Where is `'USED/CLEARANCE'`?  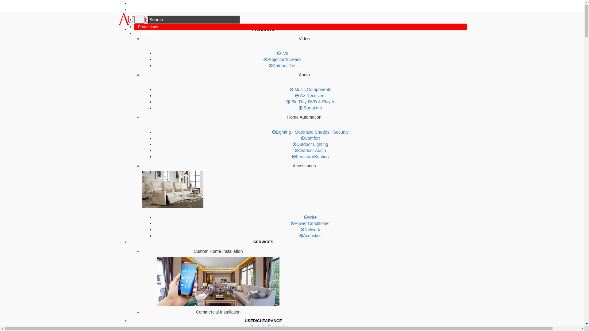 'USED/CLEARANCE' is located at coordinates (263, 320).